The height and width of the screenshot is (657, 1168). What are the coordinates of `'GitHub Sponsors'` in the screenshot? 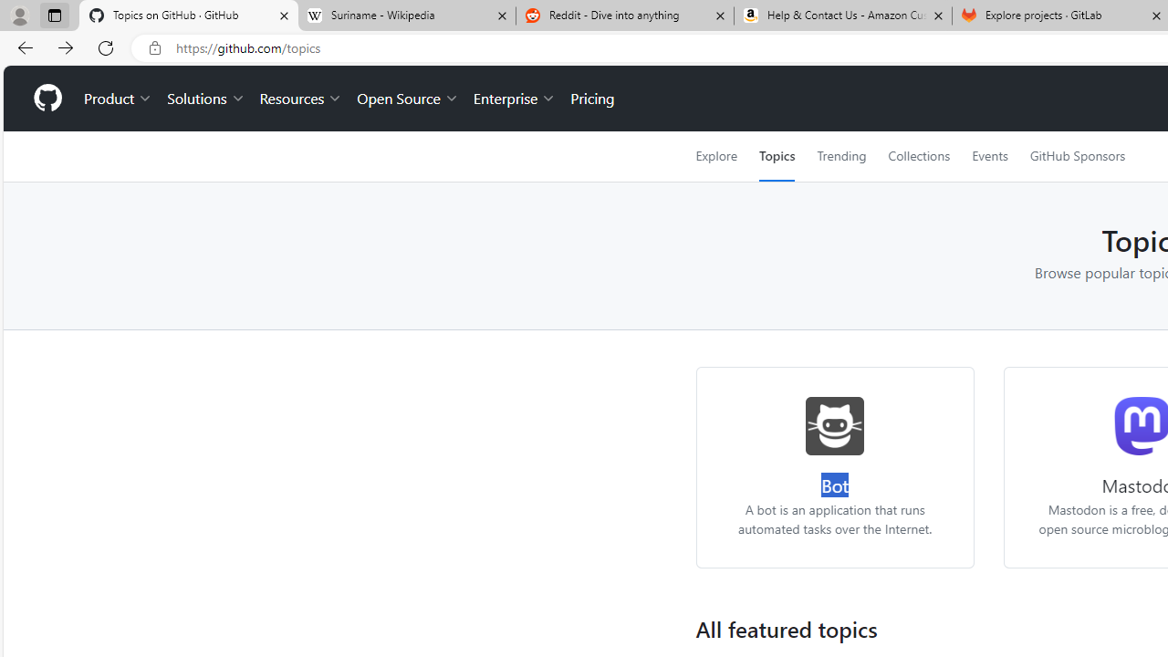 It's located at (1077, 155).